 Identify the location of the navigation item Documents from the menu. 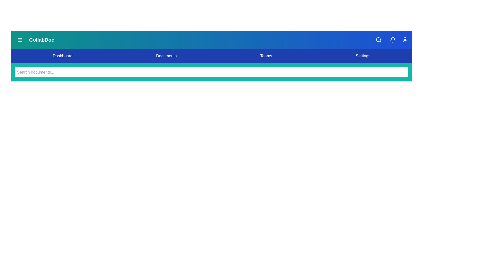
(166, 56).